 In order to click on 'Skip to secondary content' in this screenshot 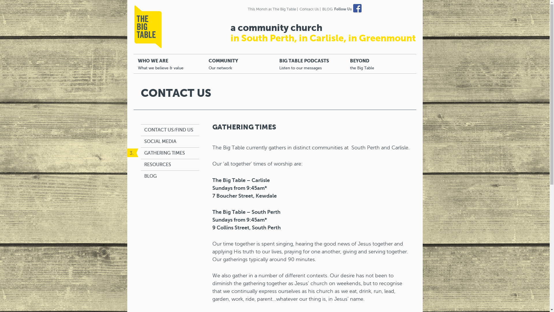, I will do `click(164, 57)`.